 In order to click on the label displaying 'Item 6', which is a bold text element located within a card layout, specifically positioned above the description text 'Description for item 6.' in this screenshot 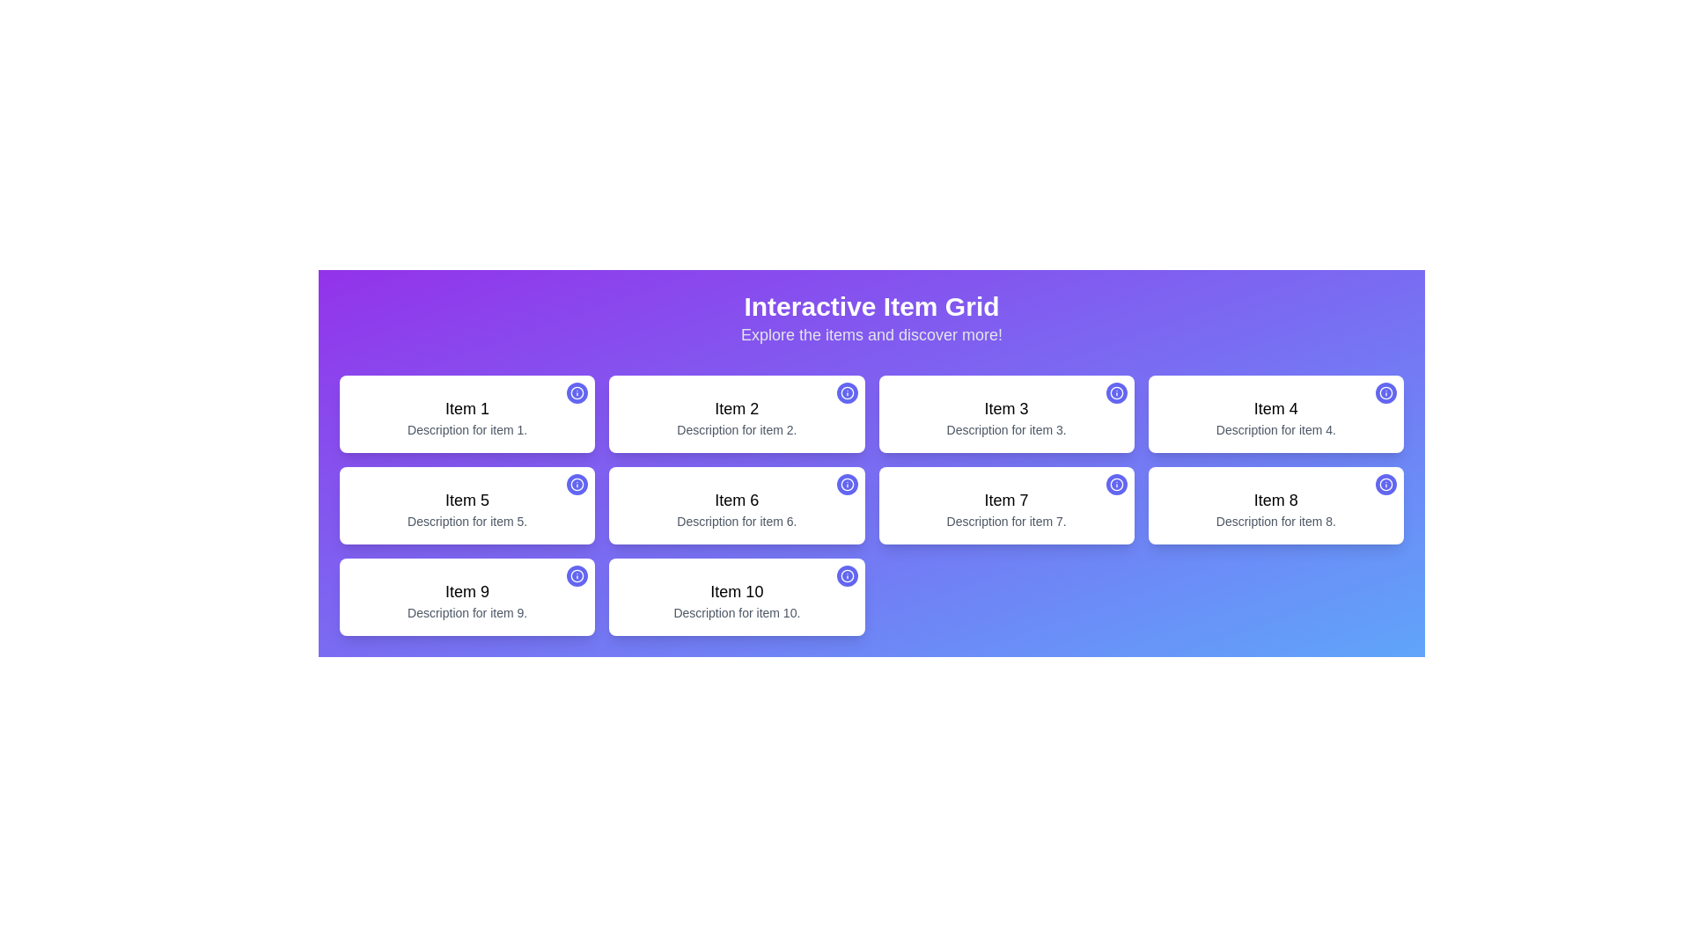, I will do `click(737, 501)`.